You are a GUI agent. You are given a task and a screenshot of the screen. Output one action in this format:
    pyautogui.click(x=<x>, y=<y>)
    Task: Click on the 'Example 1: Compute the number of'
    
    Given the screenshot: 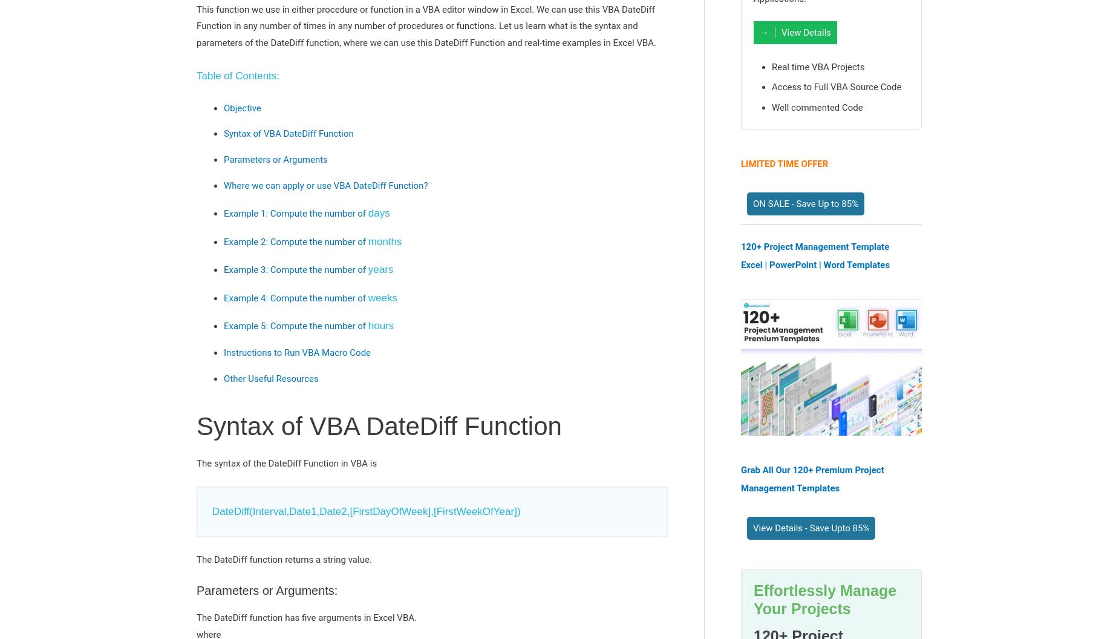 What is the action you would take?
    pyautogui.click(x=295, y=213)
    